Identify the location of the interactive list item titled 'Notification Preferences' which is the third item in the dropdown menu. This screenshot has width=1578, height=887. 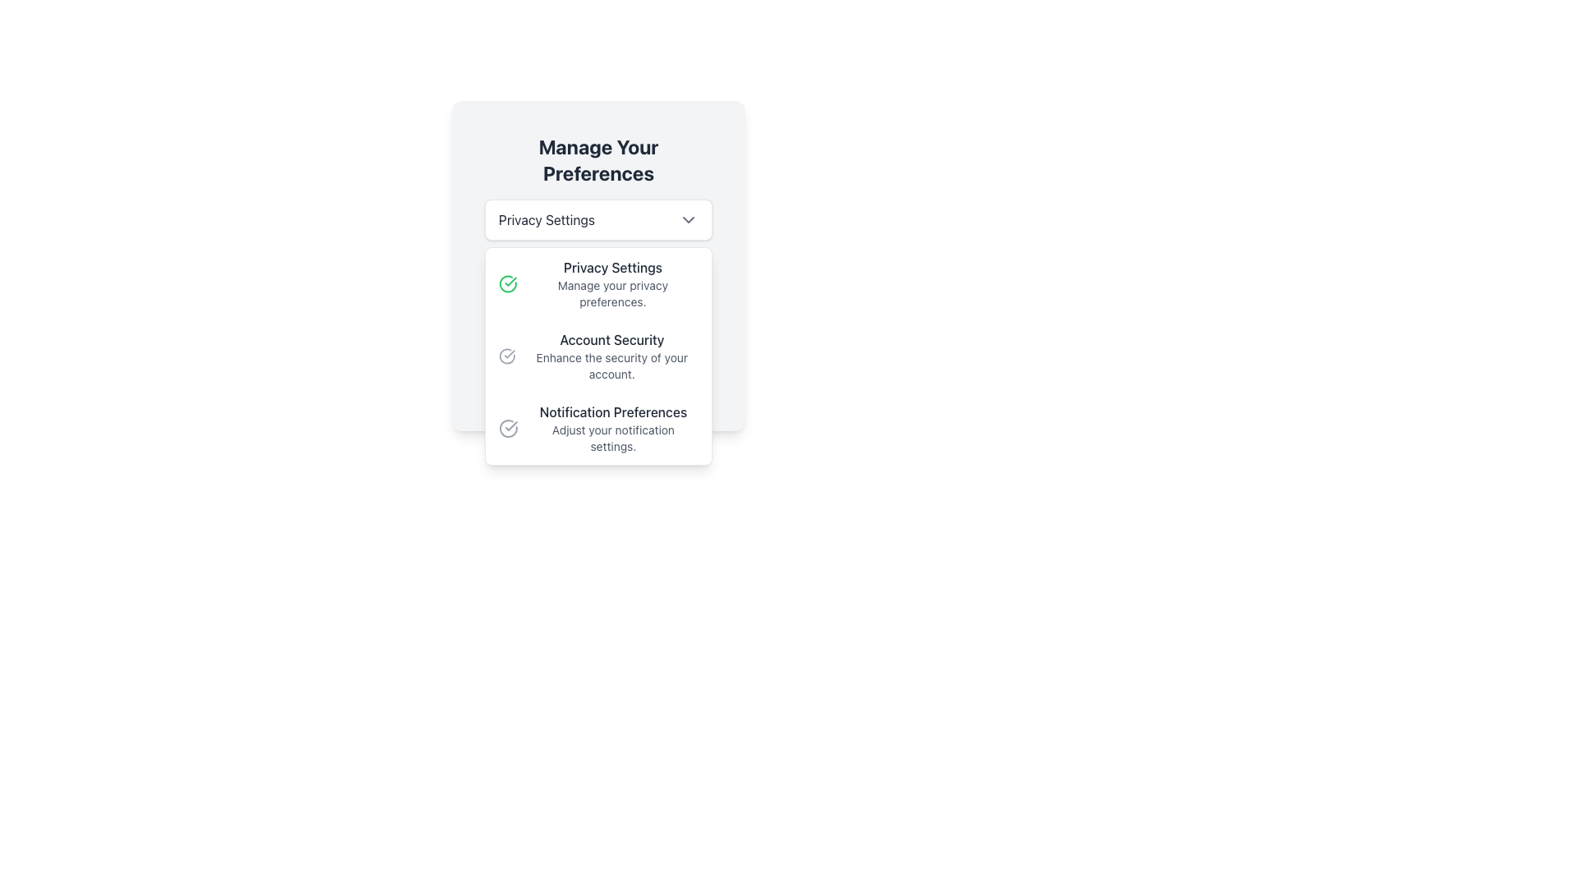
(598, 427).